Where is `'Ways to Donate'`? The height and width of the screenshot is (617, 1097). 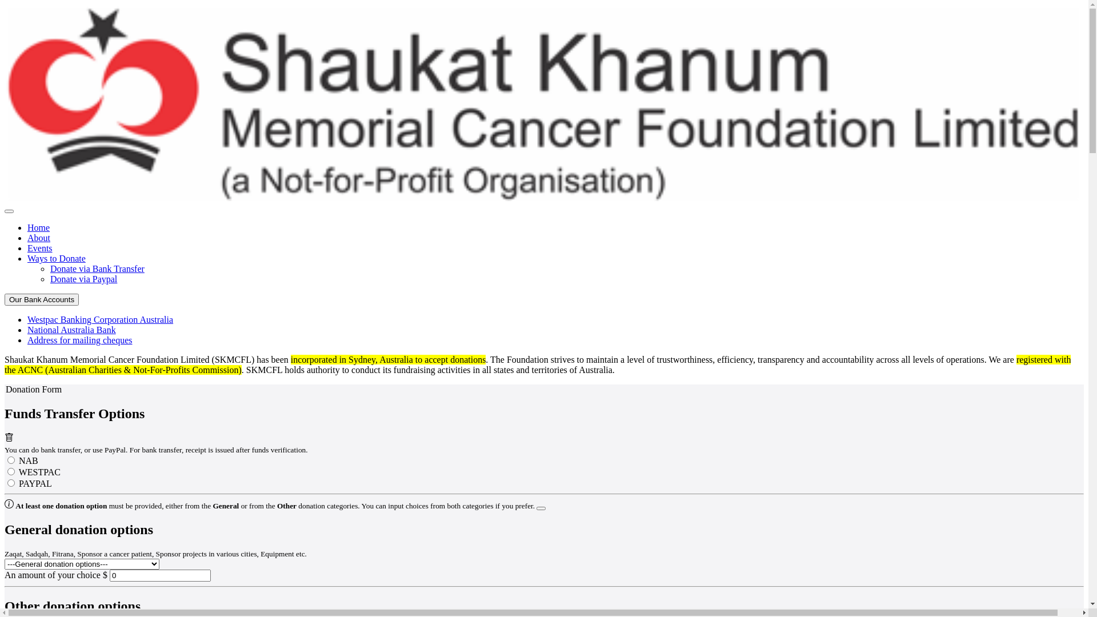
'Ways to Donate' is located at coordinates (56, 258).